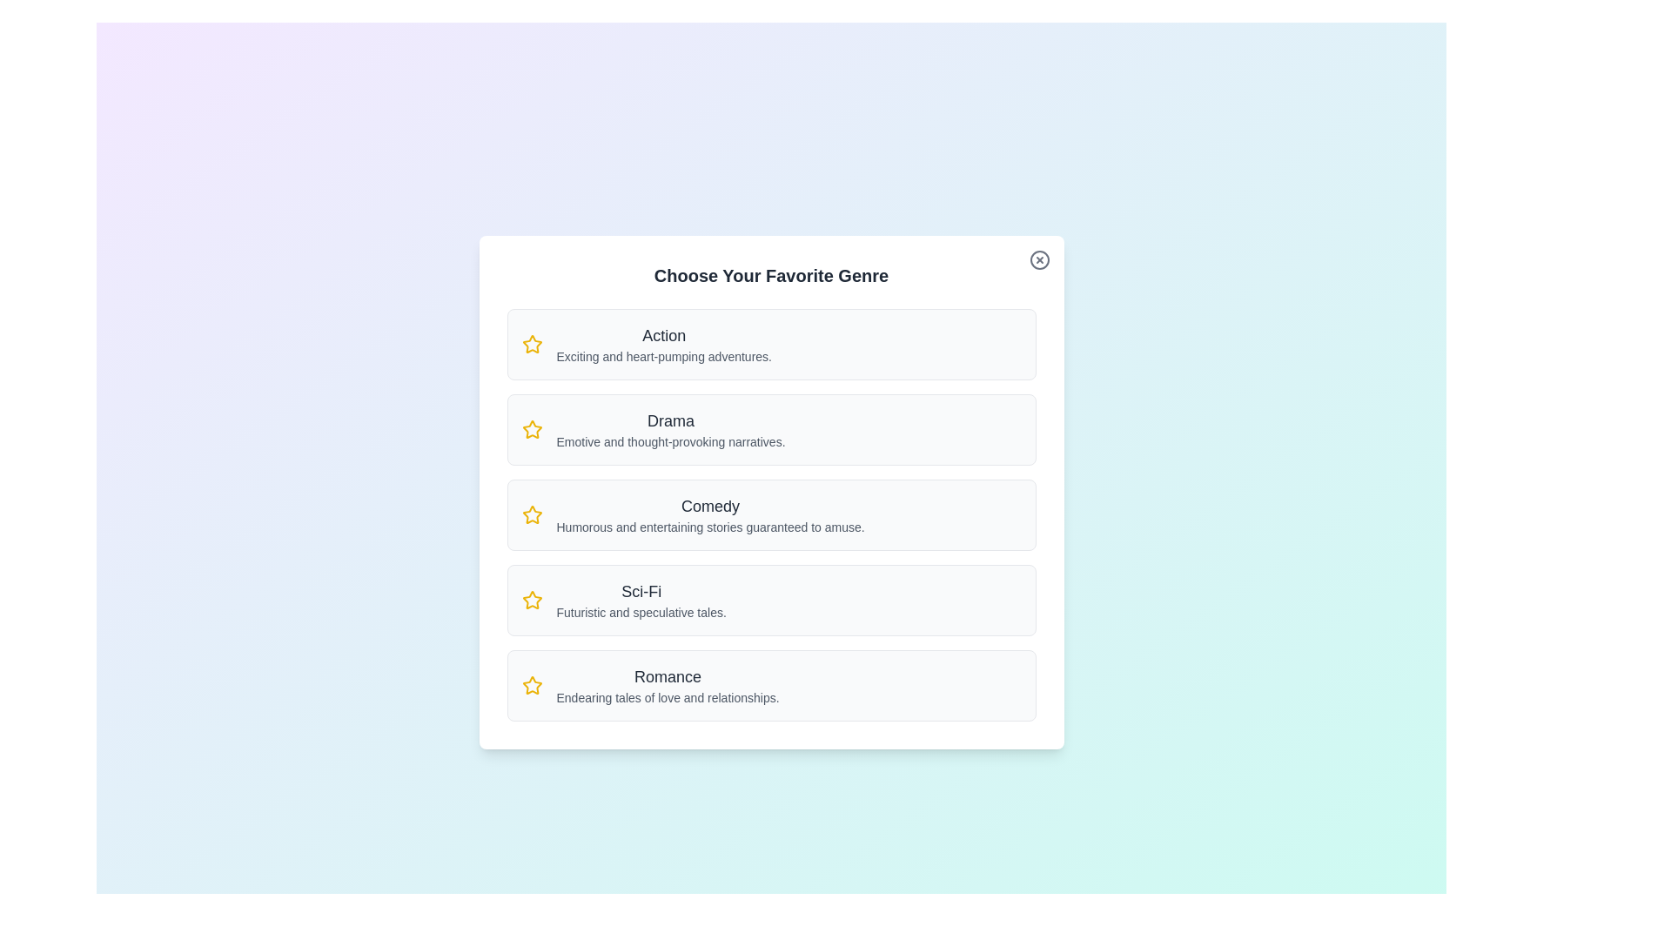  I want to click on the genre description for Sci-Fi, so click(641, 600).